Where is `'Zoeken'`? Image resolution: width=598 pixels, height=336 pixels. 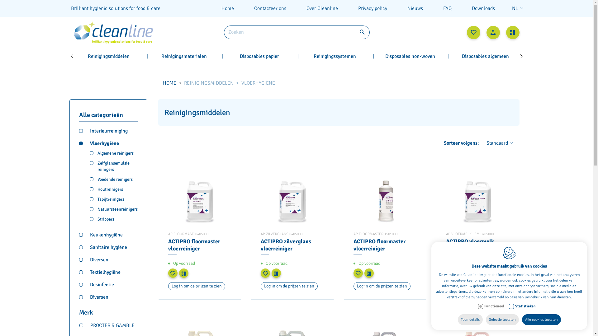
'Zoeken' is located at coordinates (362, 32).